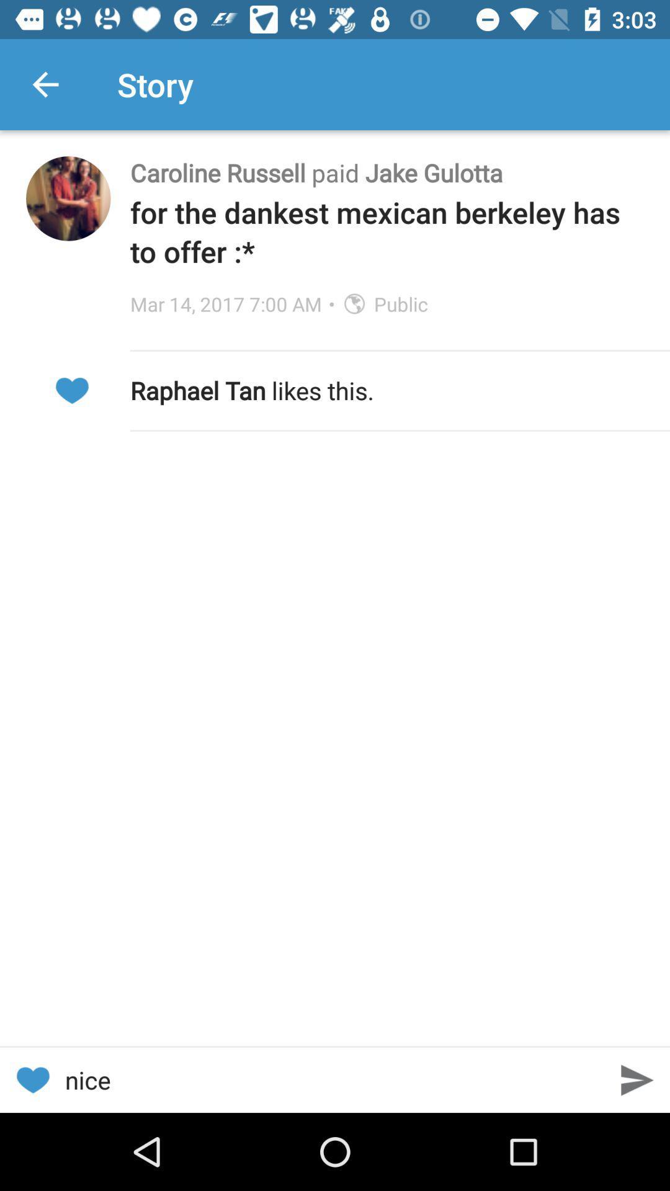  Describe the element at coordinates (45, 84) in the screenshot. I see `icon to the left of the story` at that location.